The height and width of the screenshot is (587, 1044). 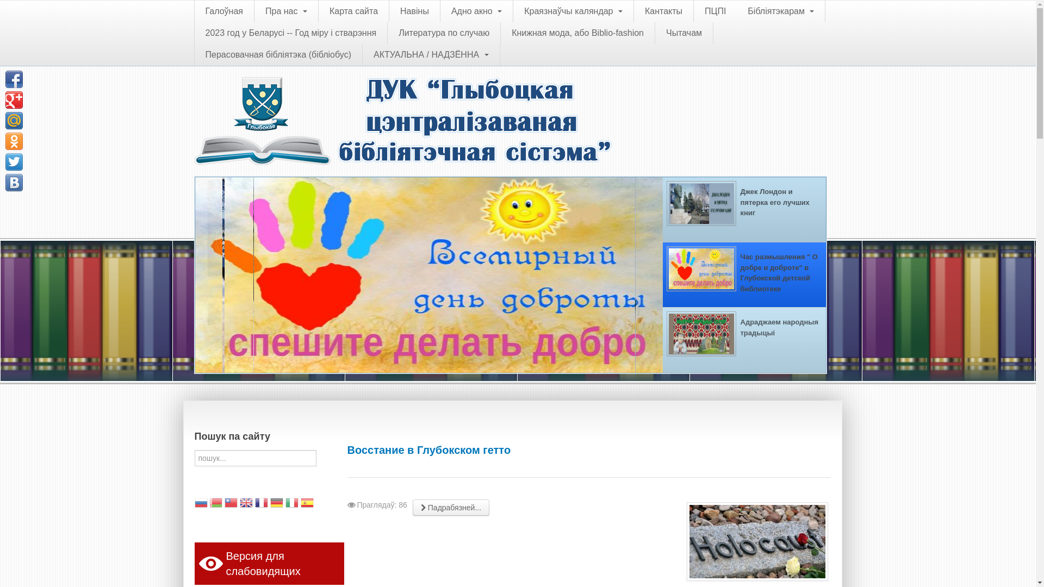 I want to click on 'French', so click(x=261, y=504).